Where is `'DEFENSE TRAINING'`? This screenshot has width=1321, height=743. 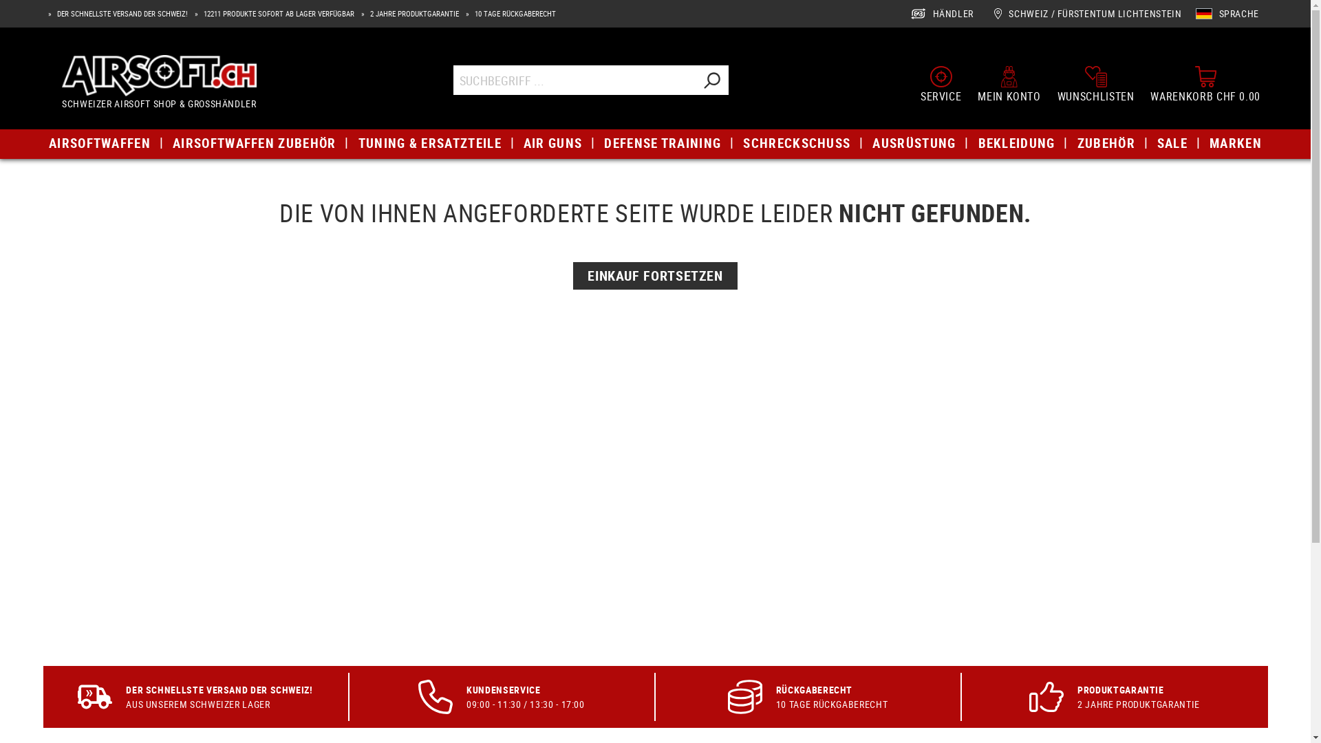
'DEFENSE TRAINING' is located at coordinates (663, 143).